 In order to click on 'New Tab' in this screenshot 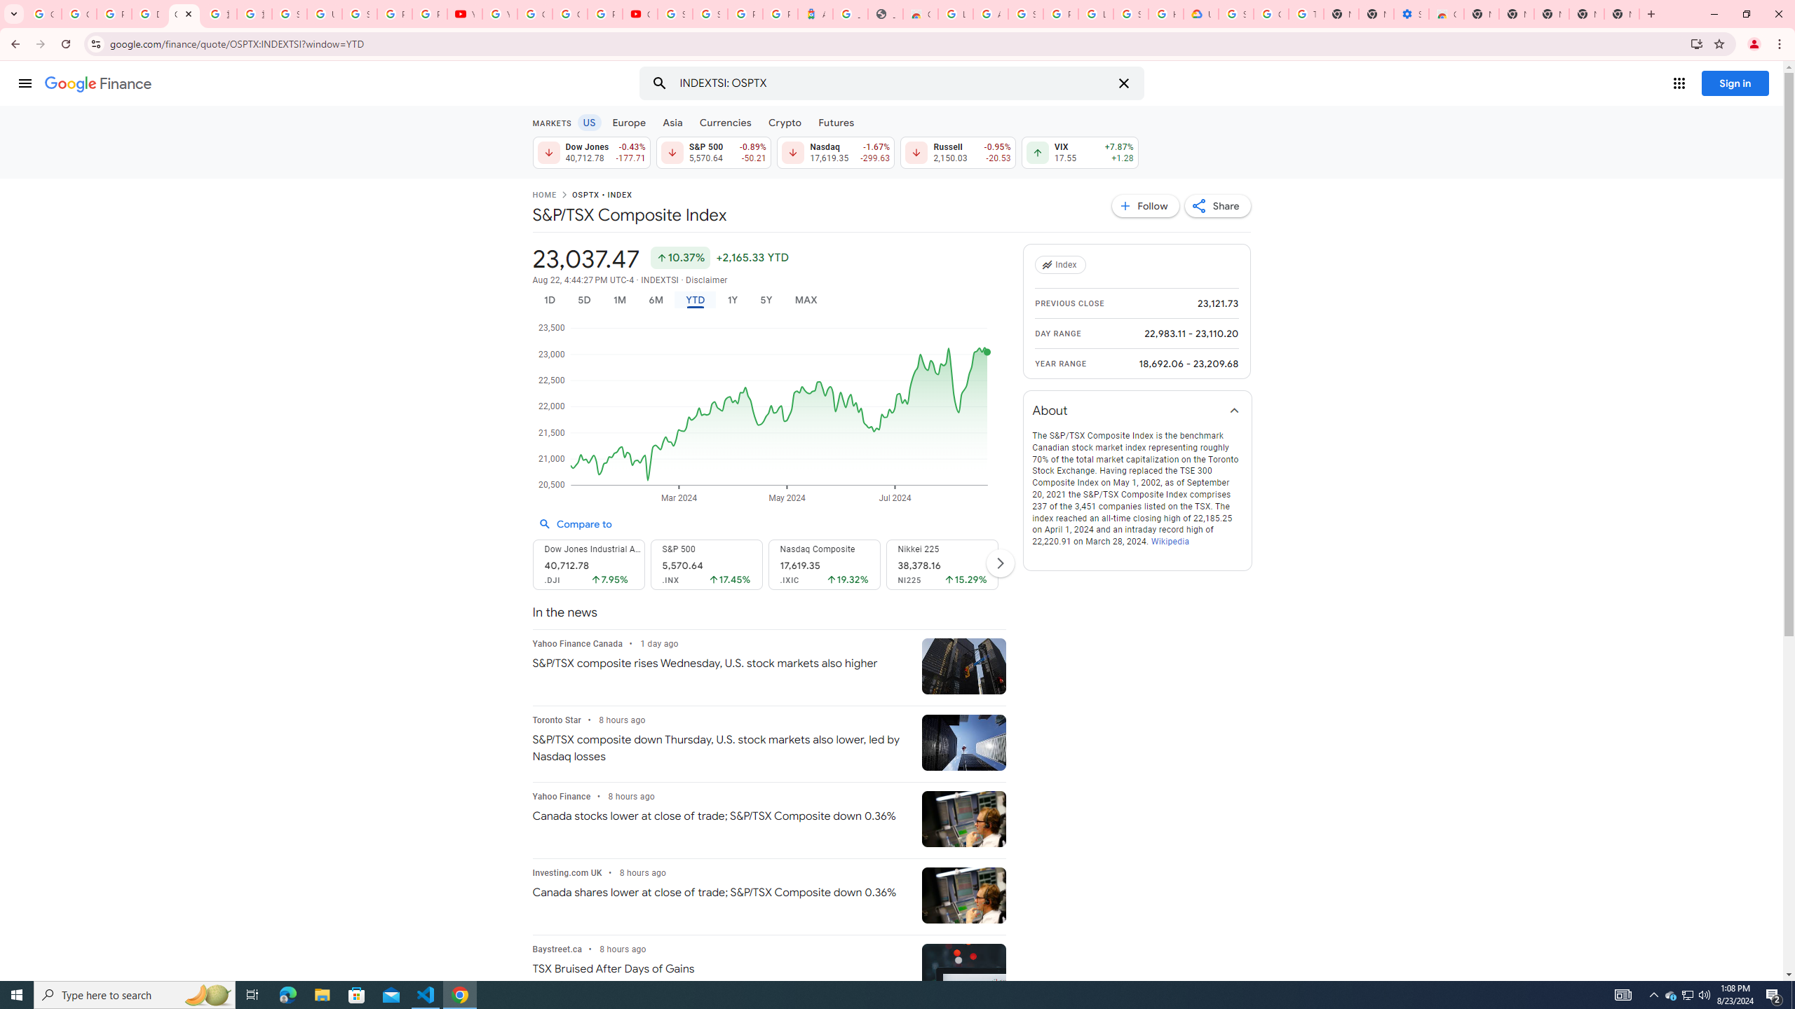, I will do `click(1620, 13)`.